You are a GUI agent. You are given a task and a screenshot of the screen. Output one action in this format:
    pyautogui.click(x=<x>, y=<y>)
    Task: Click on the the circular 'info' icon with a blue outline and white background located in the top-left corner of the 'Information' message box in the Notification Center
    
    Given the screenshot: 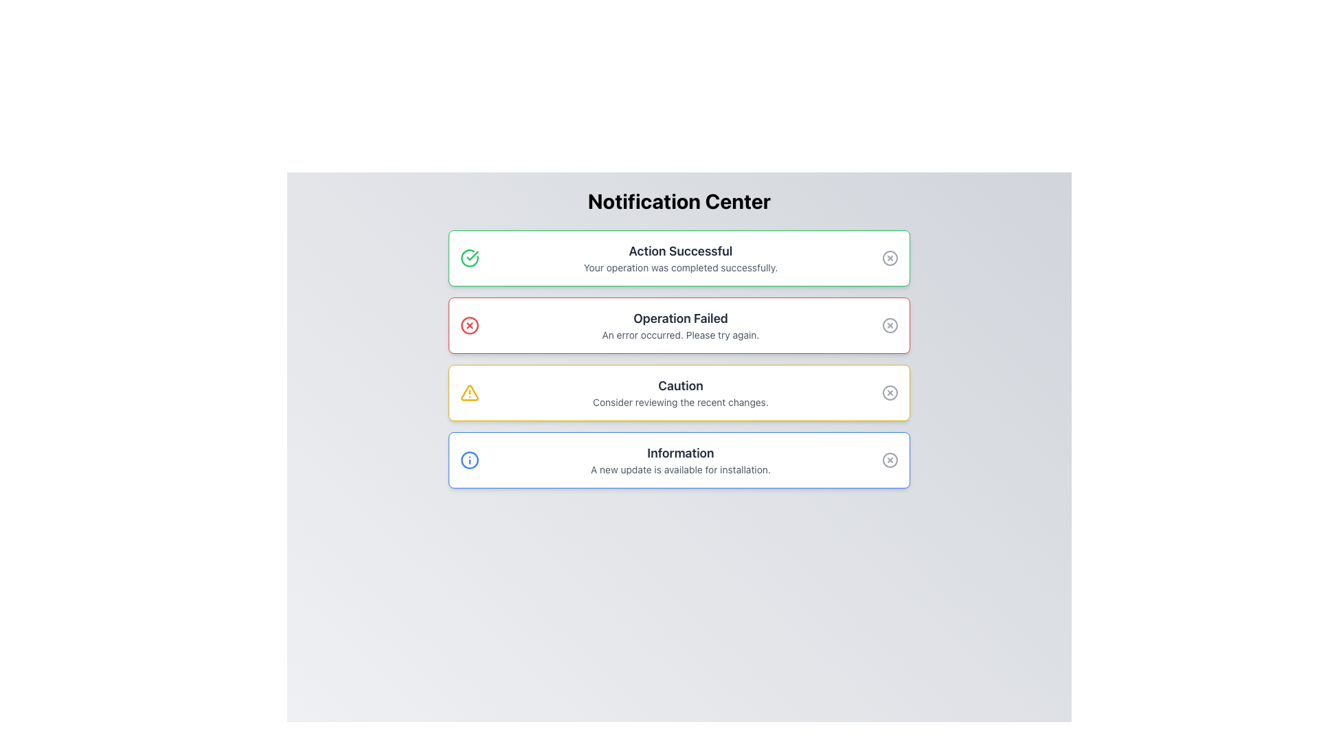 What is the action you would take?
    pyautogui.click(x=470, y=460)
    